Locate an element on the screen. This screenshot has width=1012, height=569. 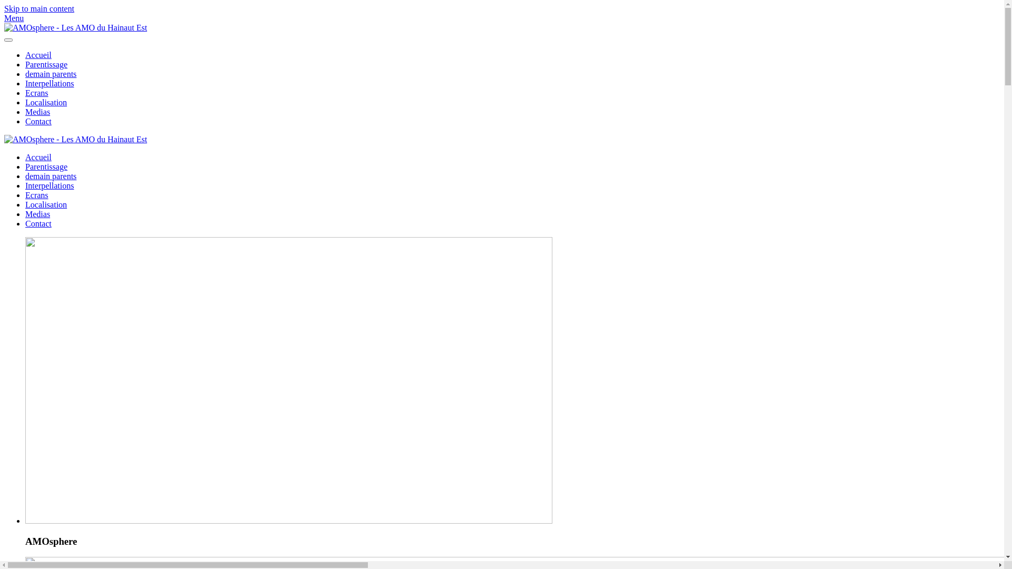
'Ecrans' is located at coordinates (25, 92).